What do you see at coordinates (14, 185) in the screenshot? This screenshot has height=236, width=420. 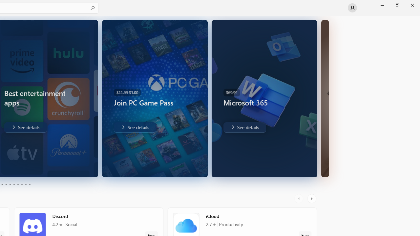 I see `'Page 6'` at bounding box center [14, 185].